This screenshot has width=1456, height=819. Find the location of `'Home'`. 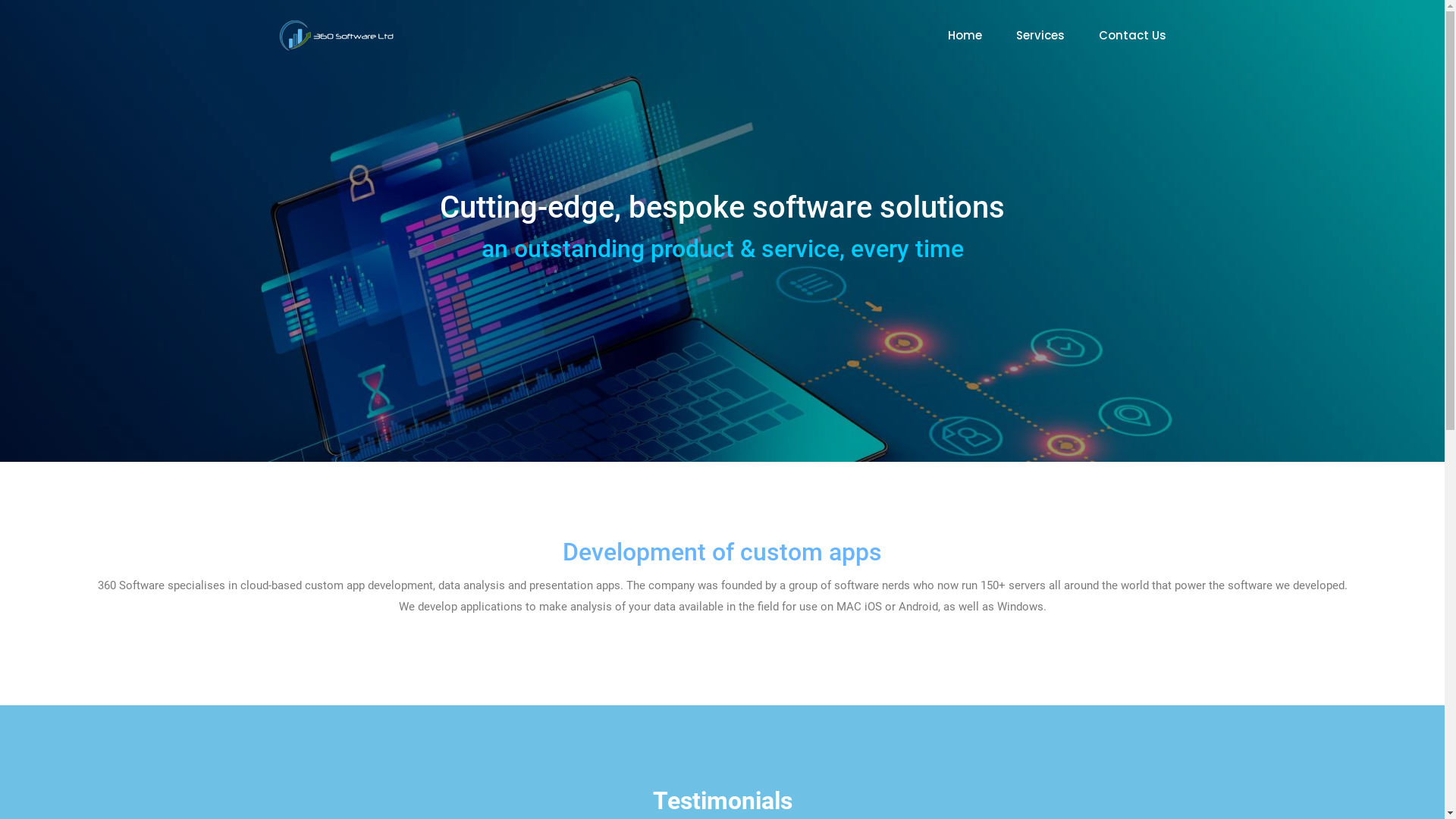

'Home' is located at coordinates (946, 34).